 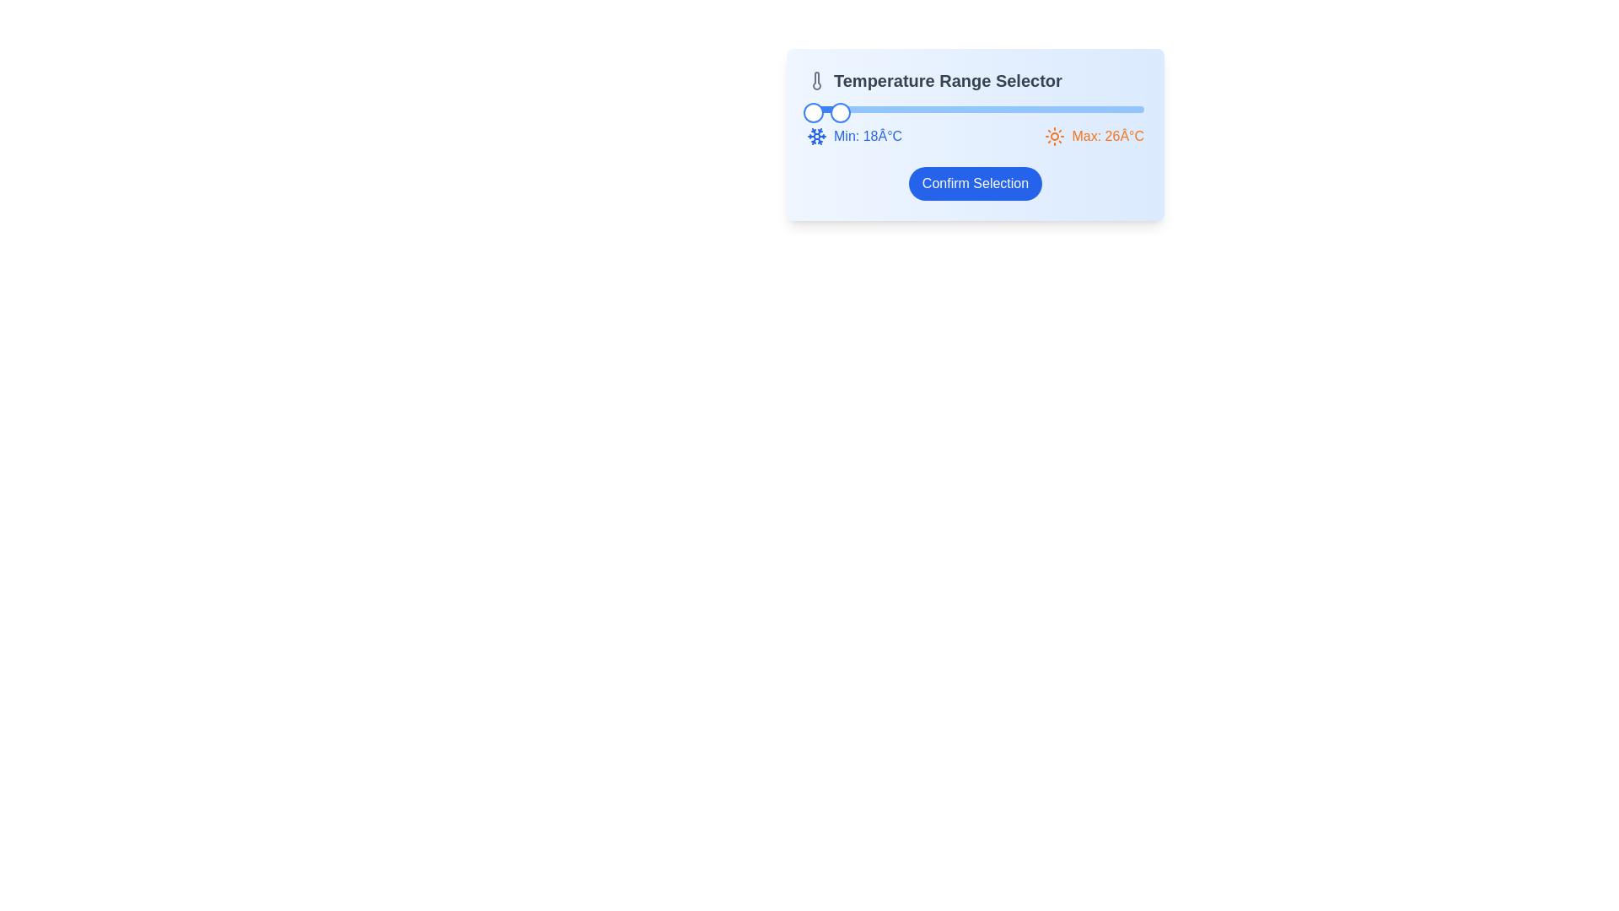 I want to click on the left slider knob, so click(x=784, y=113).